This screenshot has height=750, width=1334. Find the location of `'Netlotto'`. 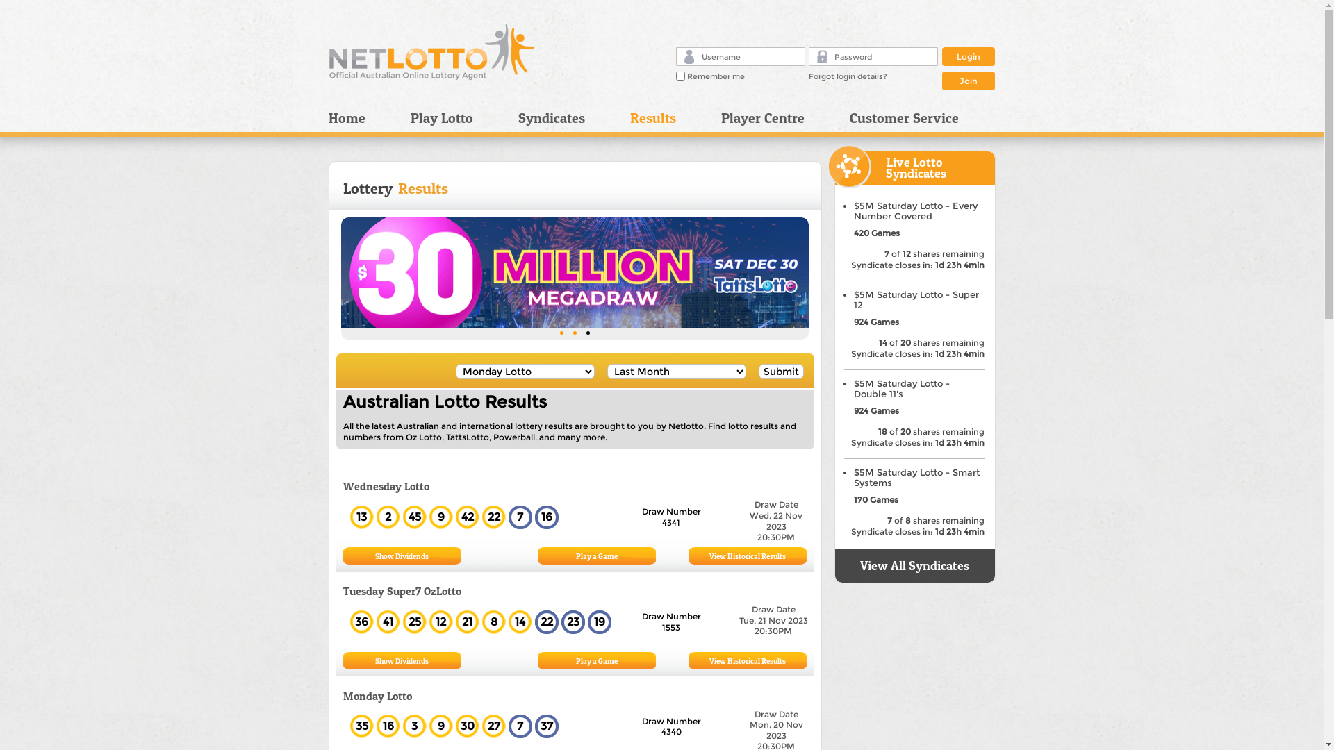

'Netlotto' is located at coordinates (431, 51).